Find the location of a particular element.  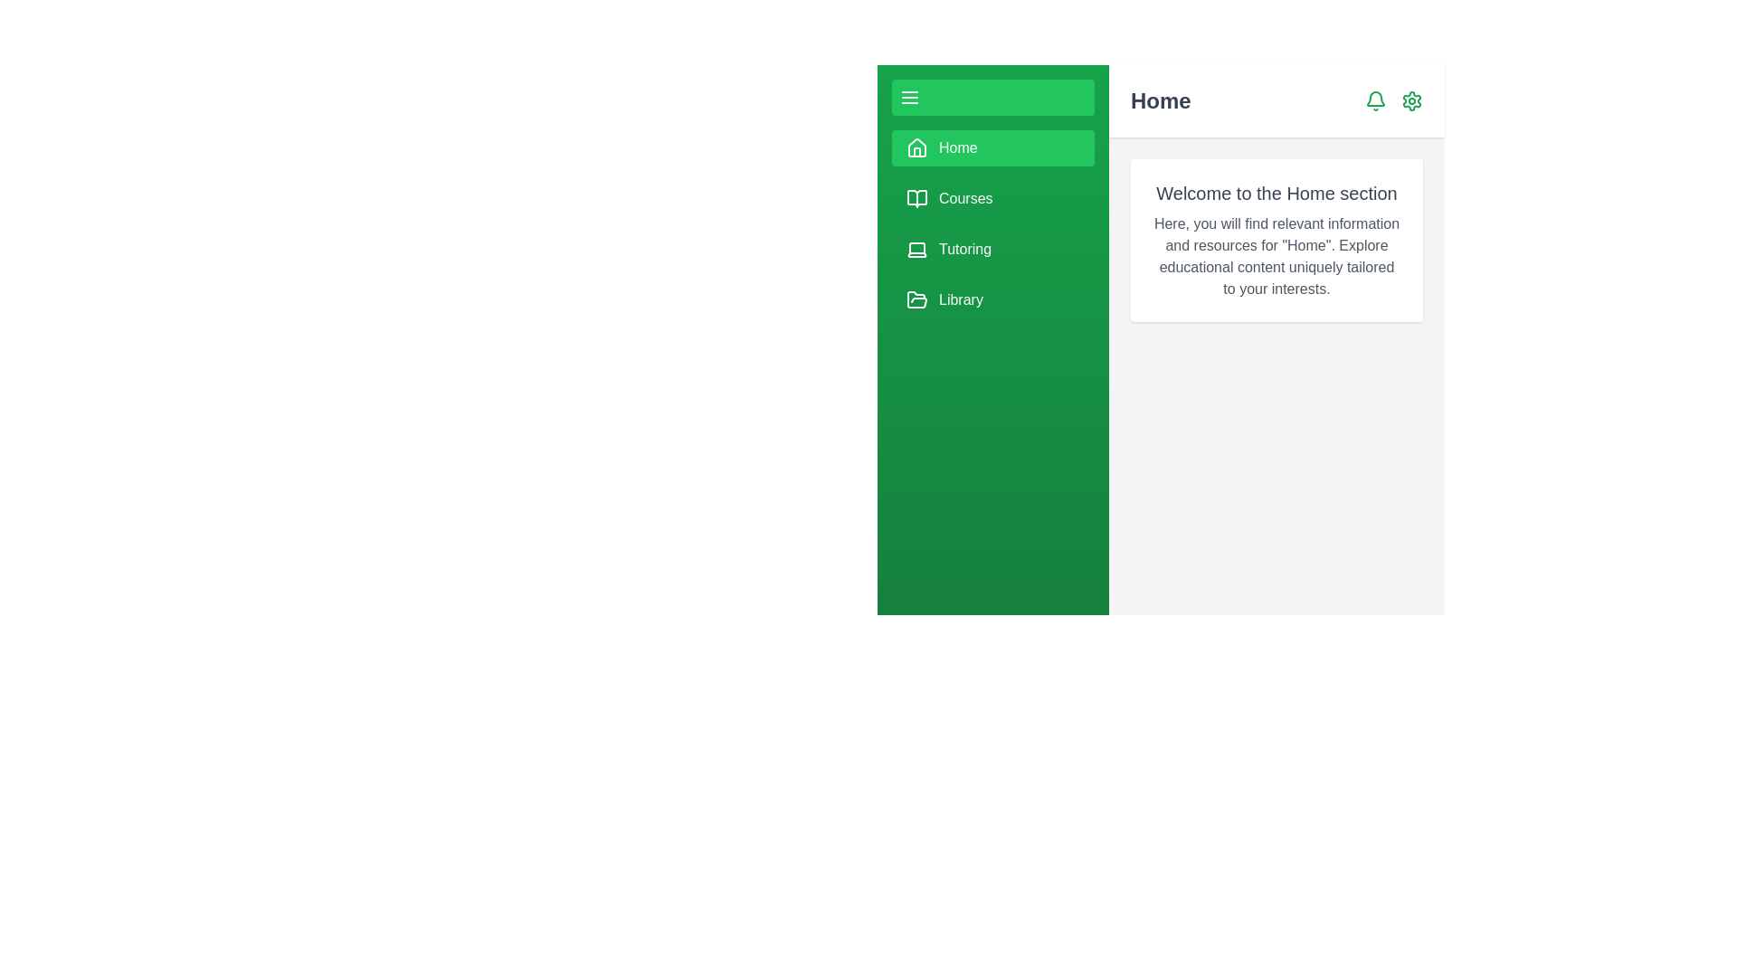

the SVG graphic element icon located at the center of its bounding box in the interactive menu is located at coordinates (916, 299).